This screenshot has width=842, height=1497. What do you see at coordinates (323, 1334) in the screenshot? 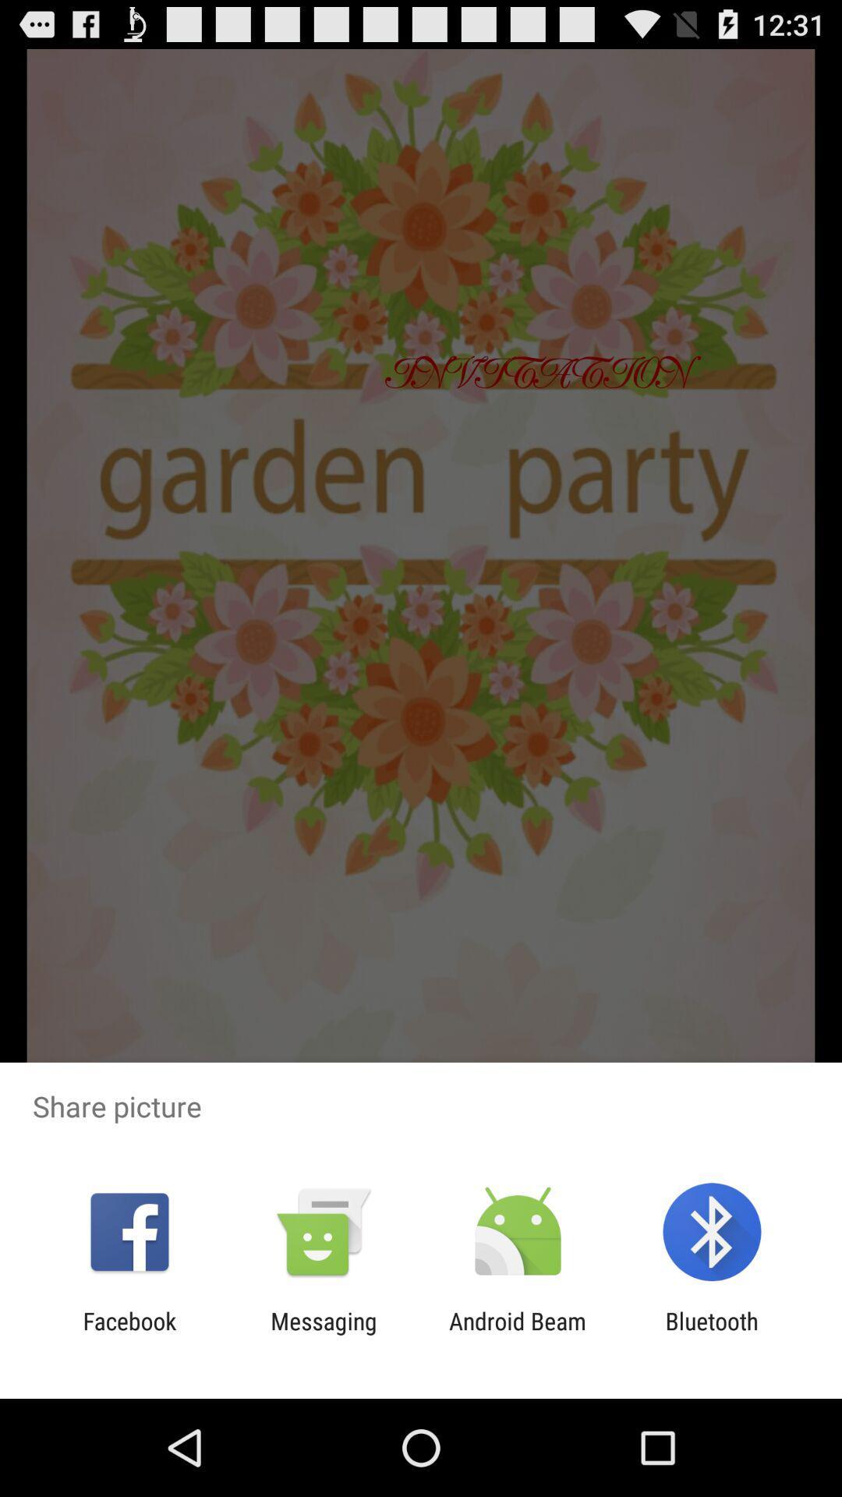
I see `the item next to facebook item` at bounding box center [323, 1334].